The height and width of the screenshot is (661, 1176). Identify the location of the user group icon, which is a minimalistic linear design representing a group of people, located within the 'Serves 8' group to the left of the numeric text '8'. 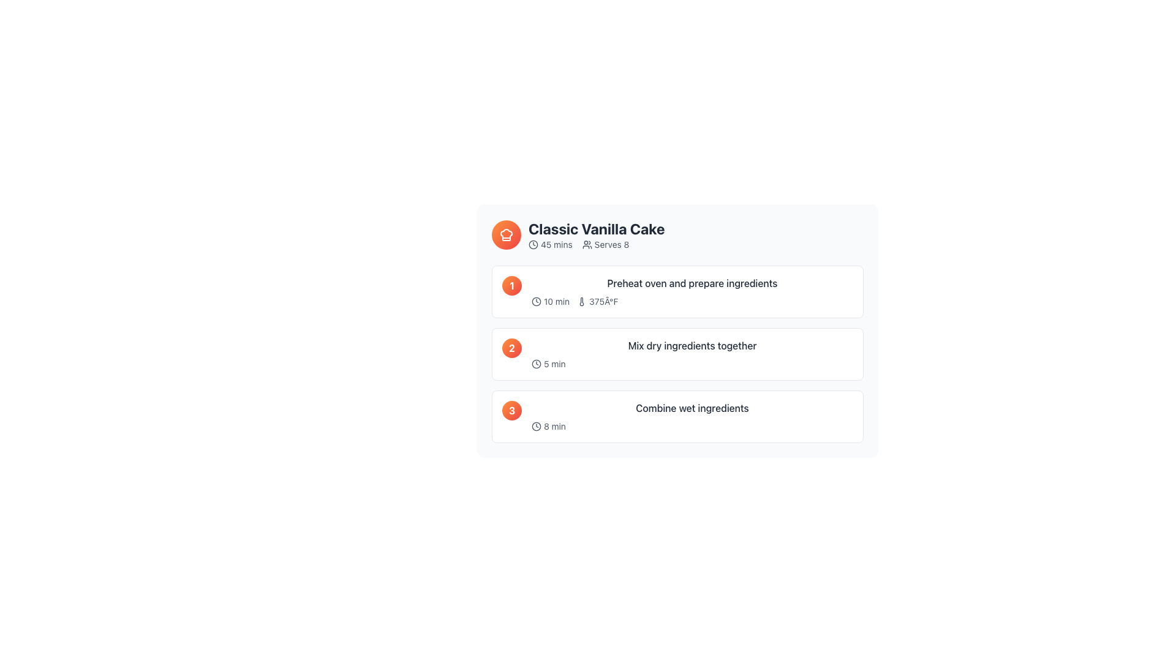
(586, 245).